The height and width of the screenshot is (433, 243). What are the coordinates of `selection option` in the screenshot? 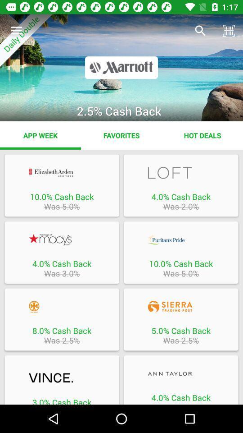 It's located at (61, 378).